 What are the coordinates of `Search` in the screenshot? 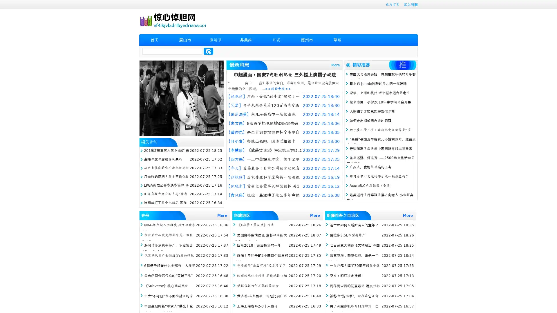 It's located at (208, 51).